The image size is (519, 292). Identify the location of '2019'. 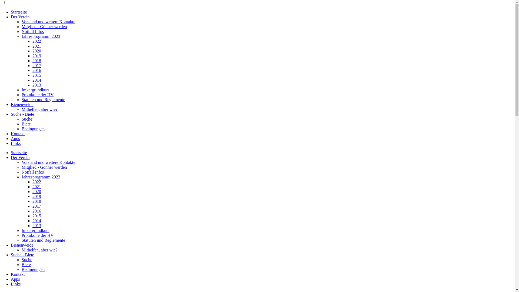
(36, 196).